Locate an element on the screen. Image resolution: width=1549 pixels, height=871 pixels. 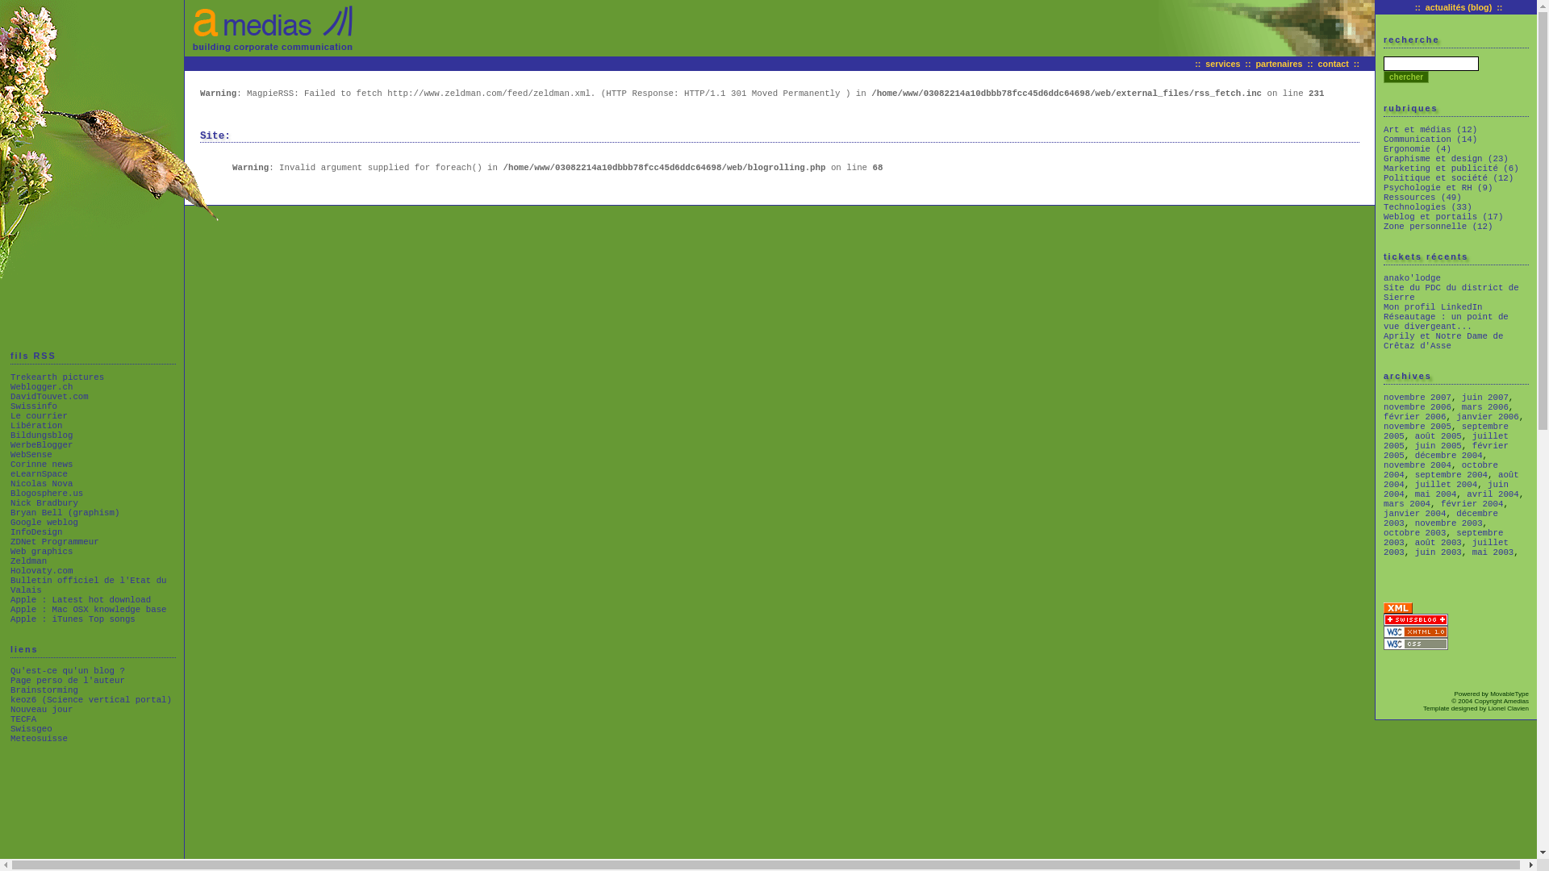
'mai 2004' is located at coordinates (1413, 494).